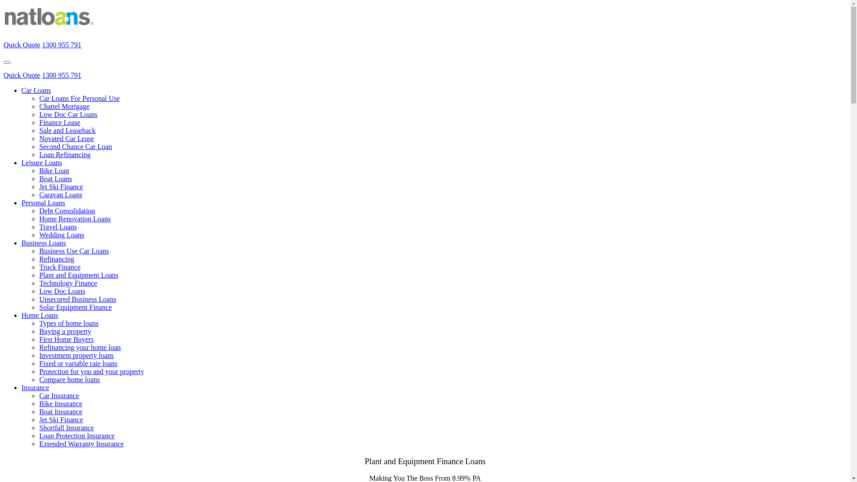 The image size is (857, 482). I want to click on 'Solar Equipment Finance', so click(38, 307).